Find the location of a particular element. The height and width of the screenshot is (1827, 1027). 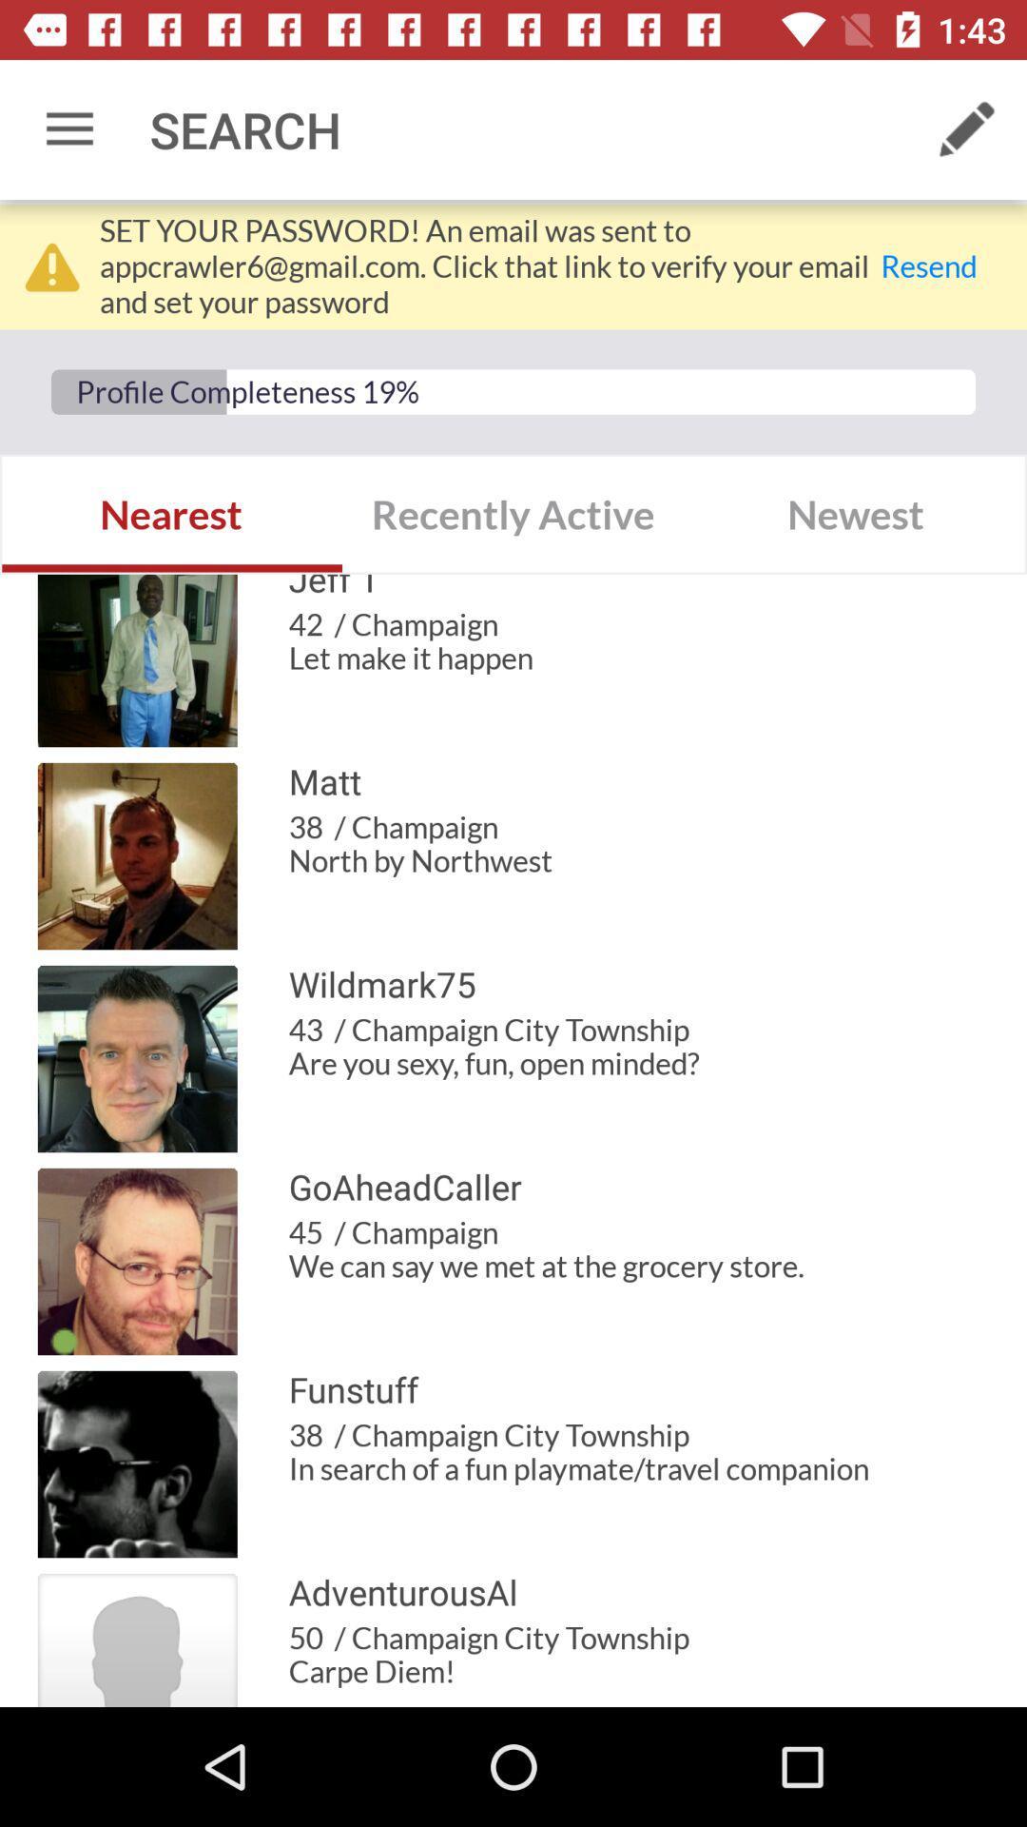

tab newest in grey color is located at coordinates (854, 515).